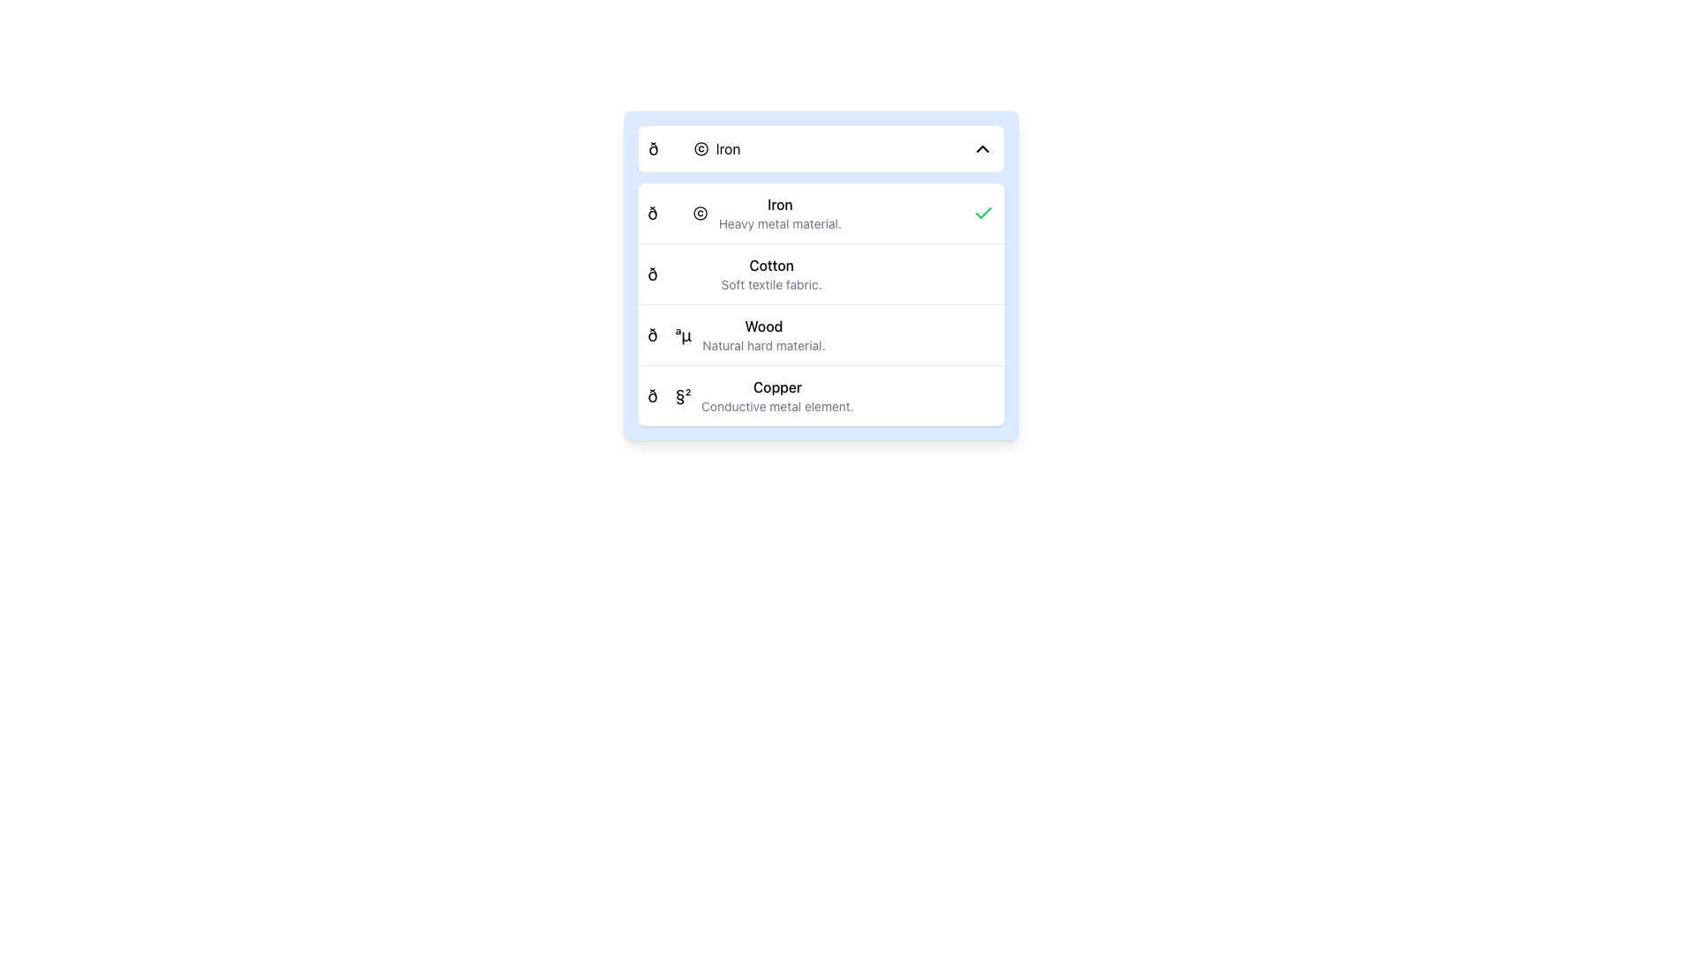  What do you see at coordinates (693, 148) in the screenshot?
I see `the first item in the dropdown menu which represents the option 'Iron'` at bounding box center [693, 148].